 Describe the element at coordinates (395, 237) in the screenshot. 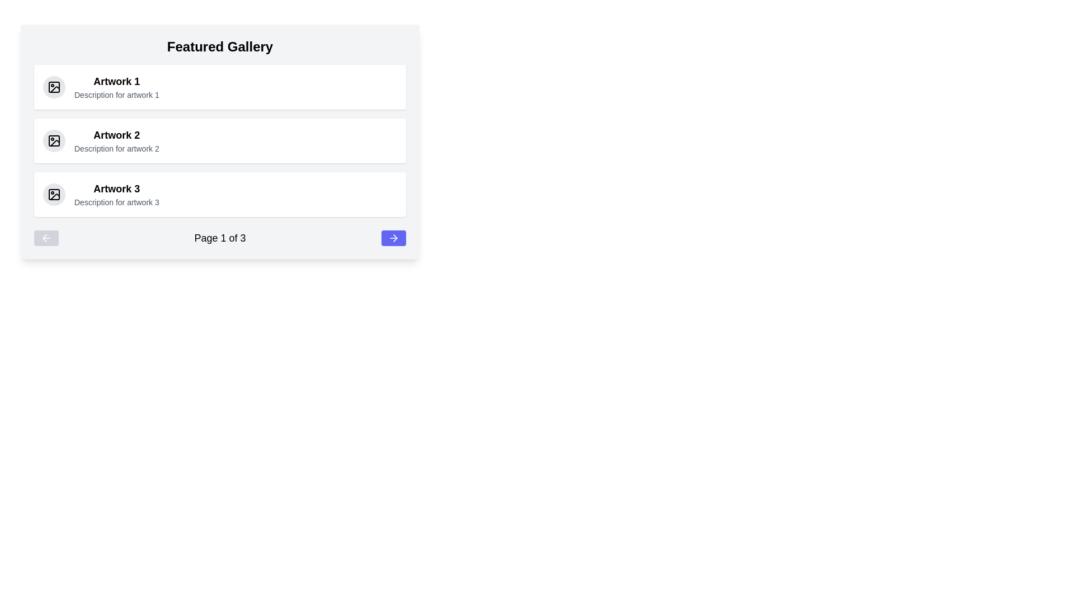

I see `the forward navigation arrow icon inside the blue rectangular button located to the right of the pagination controls at the bottom of the Featured Gallery section` at that location.